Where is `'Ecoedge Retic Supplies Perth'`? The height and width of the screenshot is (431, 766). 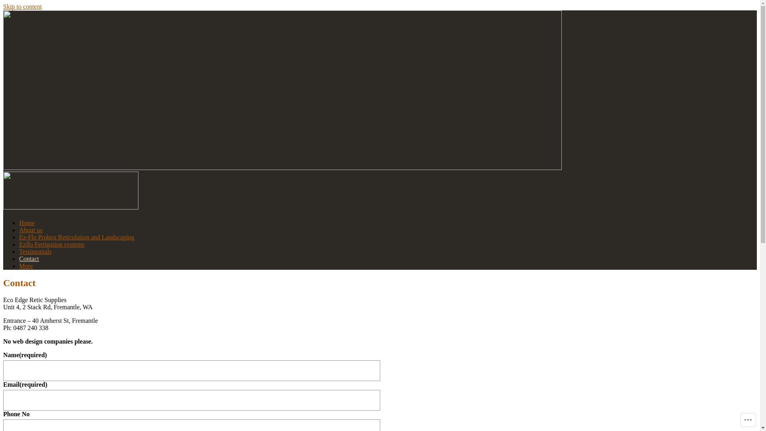
'Ecoedge Retic Supplies Perth' is located at coordinates (83, 227).